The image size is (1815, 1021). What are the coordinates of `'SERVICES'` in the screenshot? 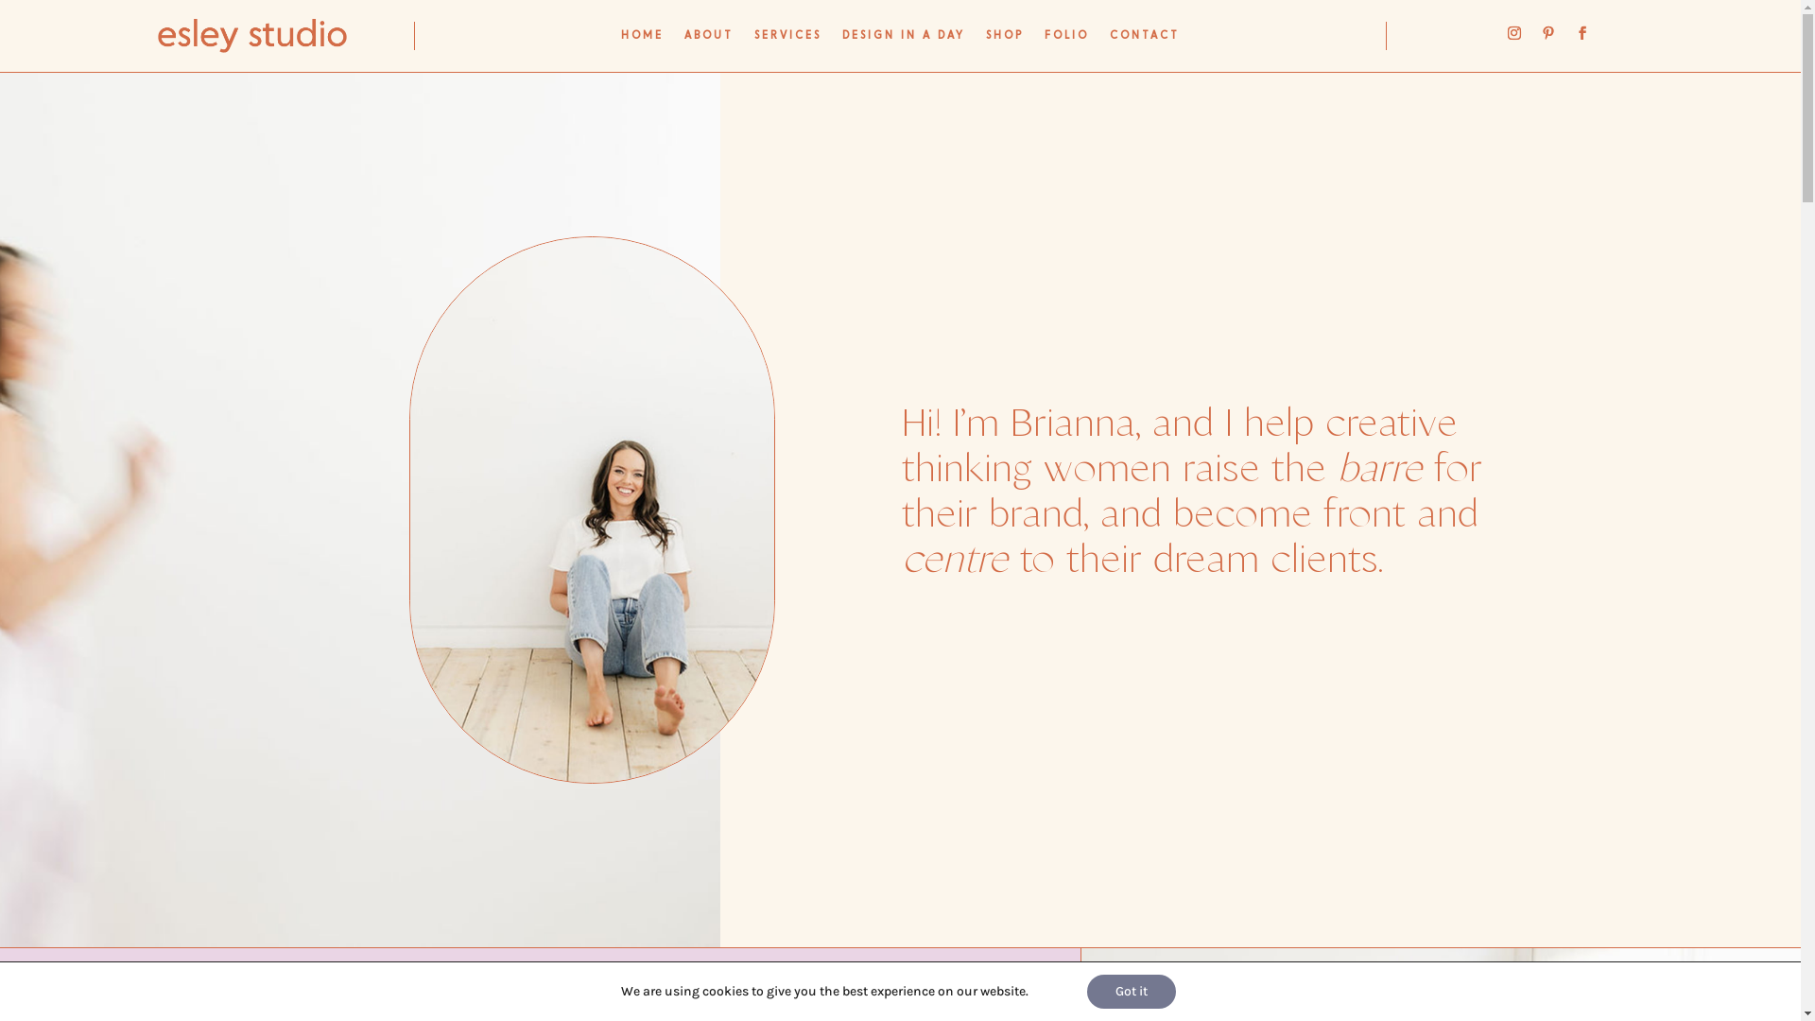 It's located at (787, 40).